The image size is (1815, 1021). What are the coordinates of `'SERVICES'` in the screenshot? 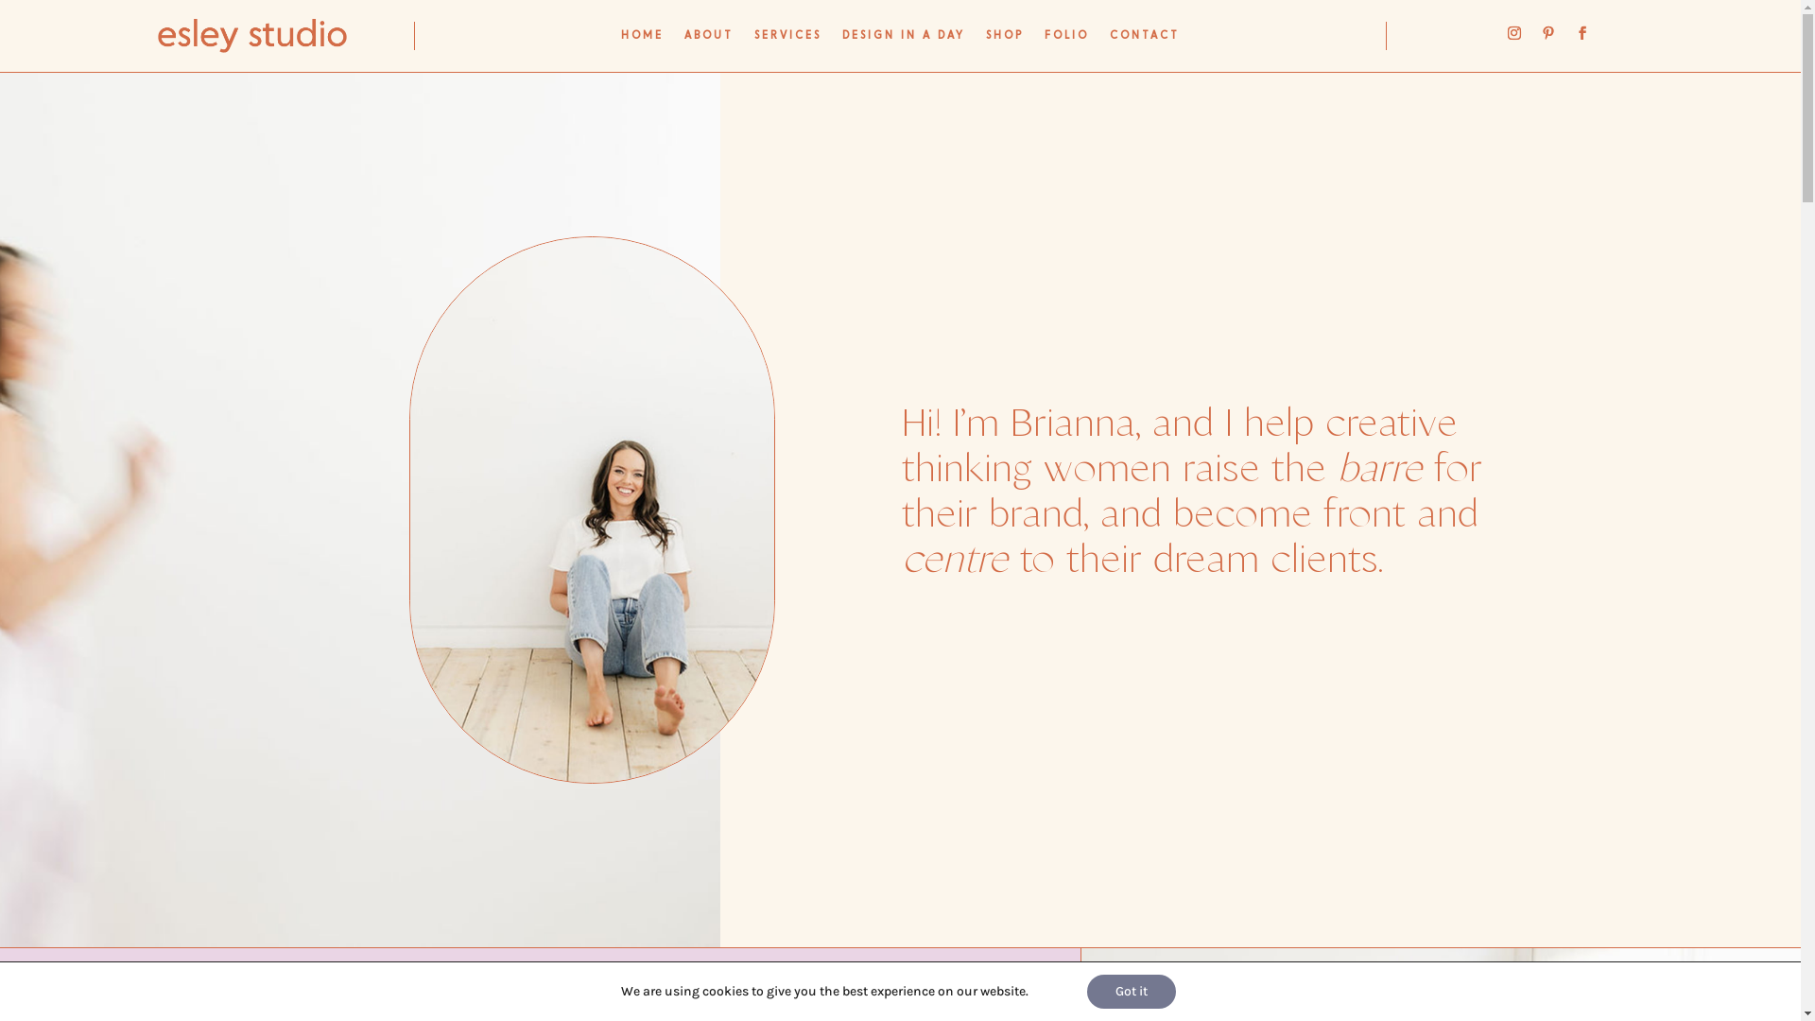 It's located at (787, 40).